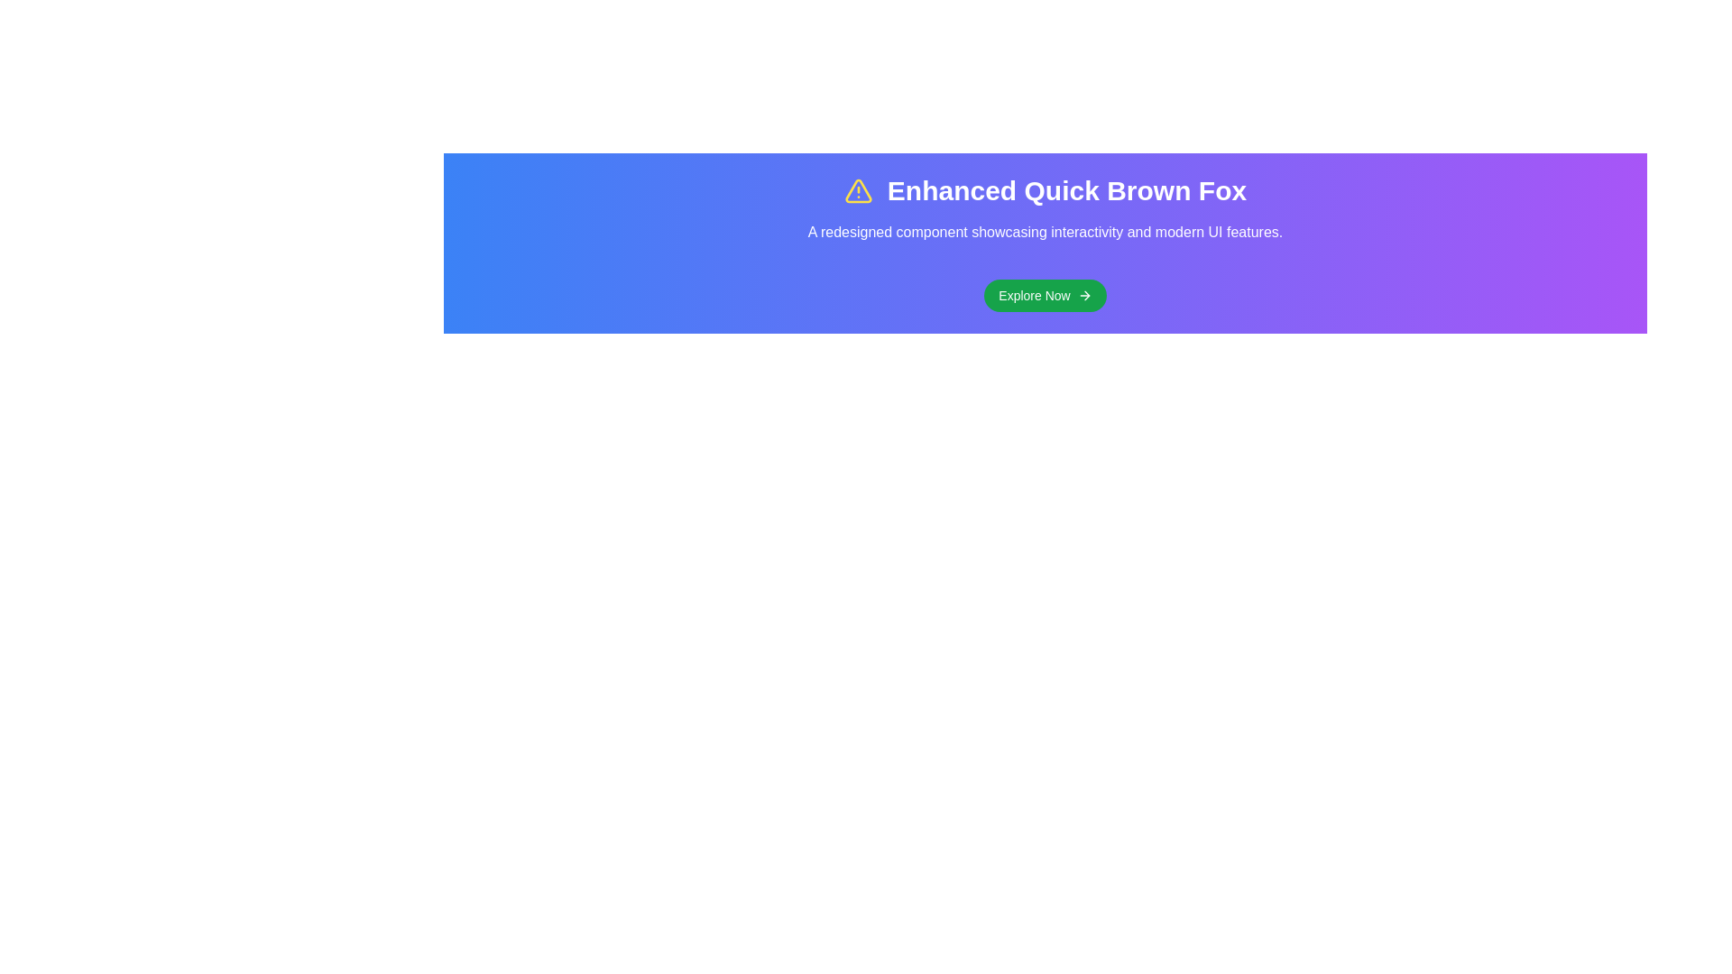 The height and width of the screenshot is (974, 1732). I want to click on the 'Explore Now' button with a green background and rounded corners, located centrally below the main descriptive text, so click(1045, 294).